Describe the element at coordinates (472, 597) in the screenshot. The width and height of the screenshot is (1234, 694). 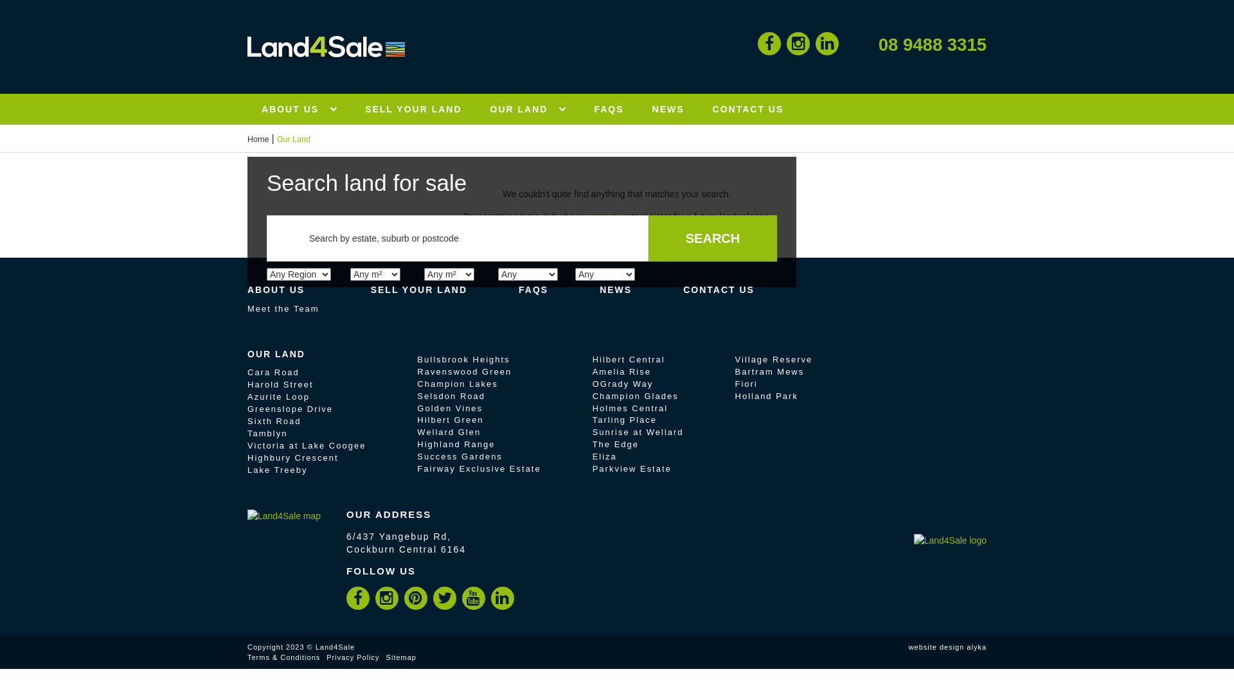
I see `'YouTube'` at that location.